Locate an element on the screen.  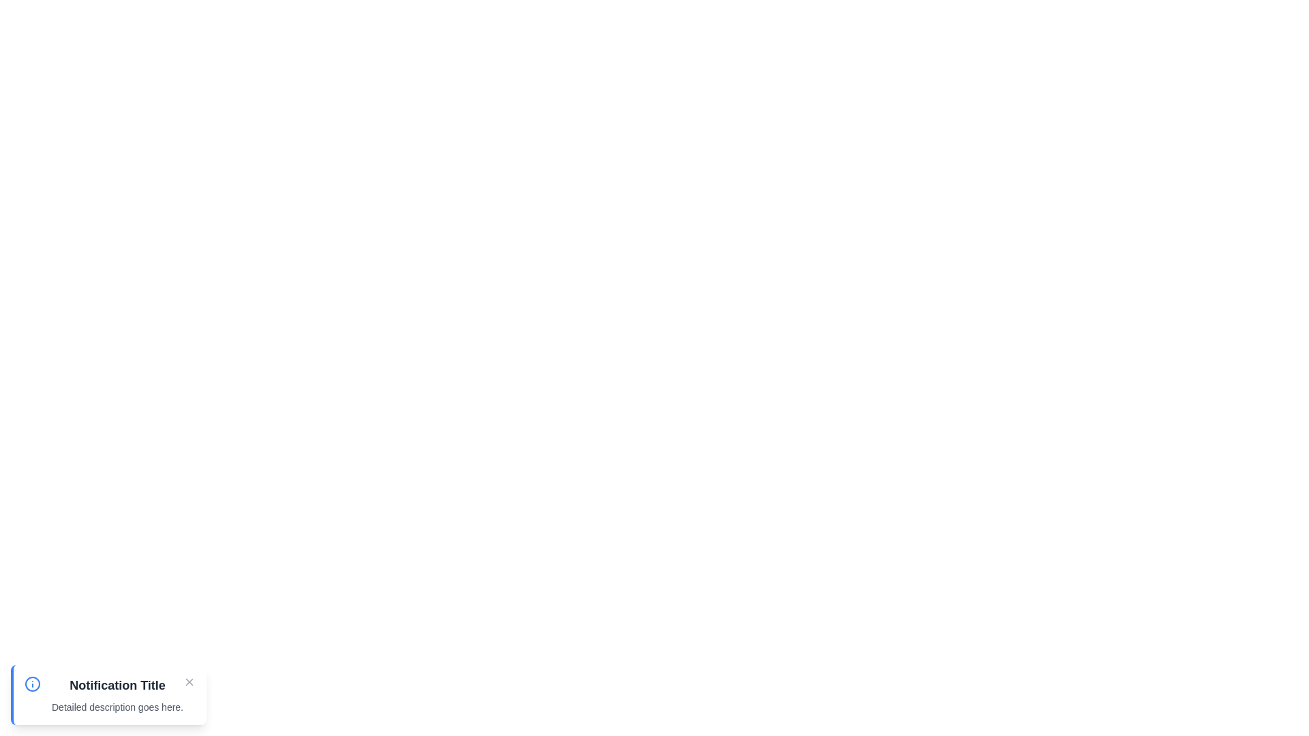
the icon to explore its functionality is located at coordinates (33, 684).